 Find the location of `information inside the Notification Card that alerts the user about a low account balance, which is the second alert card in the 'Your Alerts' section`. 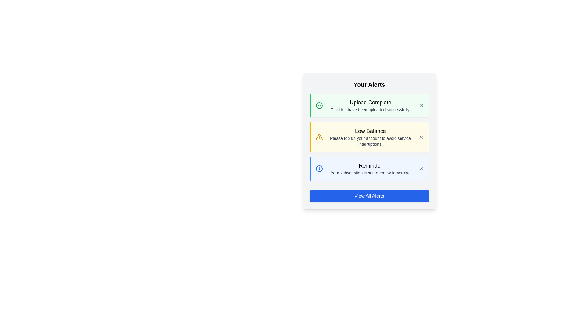

information inside the Notification Card that alerts the user about a low account balance, which is the second alert card in the 'Your Alerts' section is located at coordinates (369, 141).